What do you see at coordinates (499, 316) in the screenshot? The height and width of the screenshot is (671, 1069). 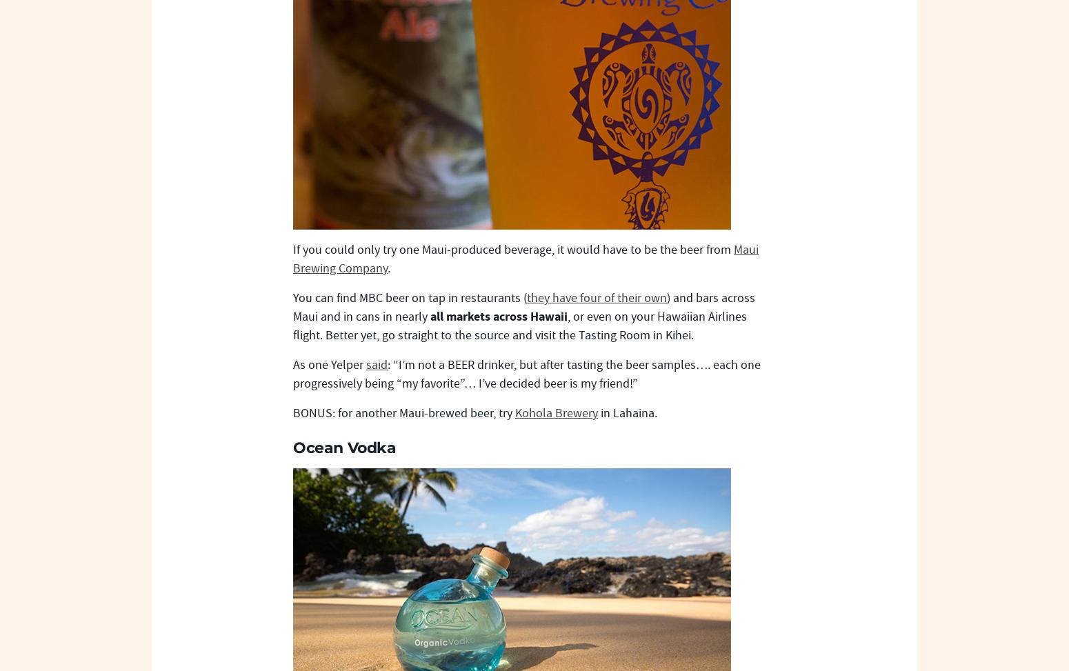 I see `'all markets across Hawaii'` at bounding box center [499, 316].